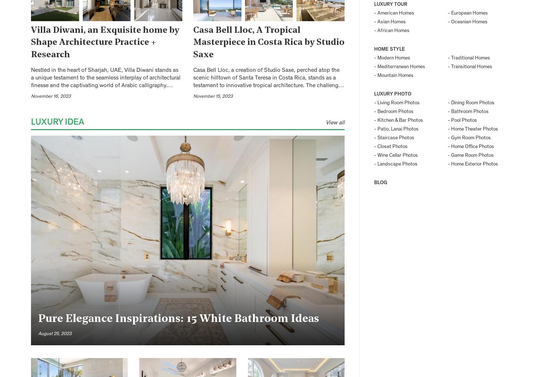  What do you see at coordinates (399, 67) in the screenshot?
I see `'- Mediterranean Homes'` at bounding box center [399, 67].